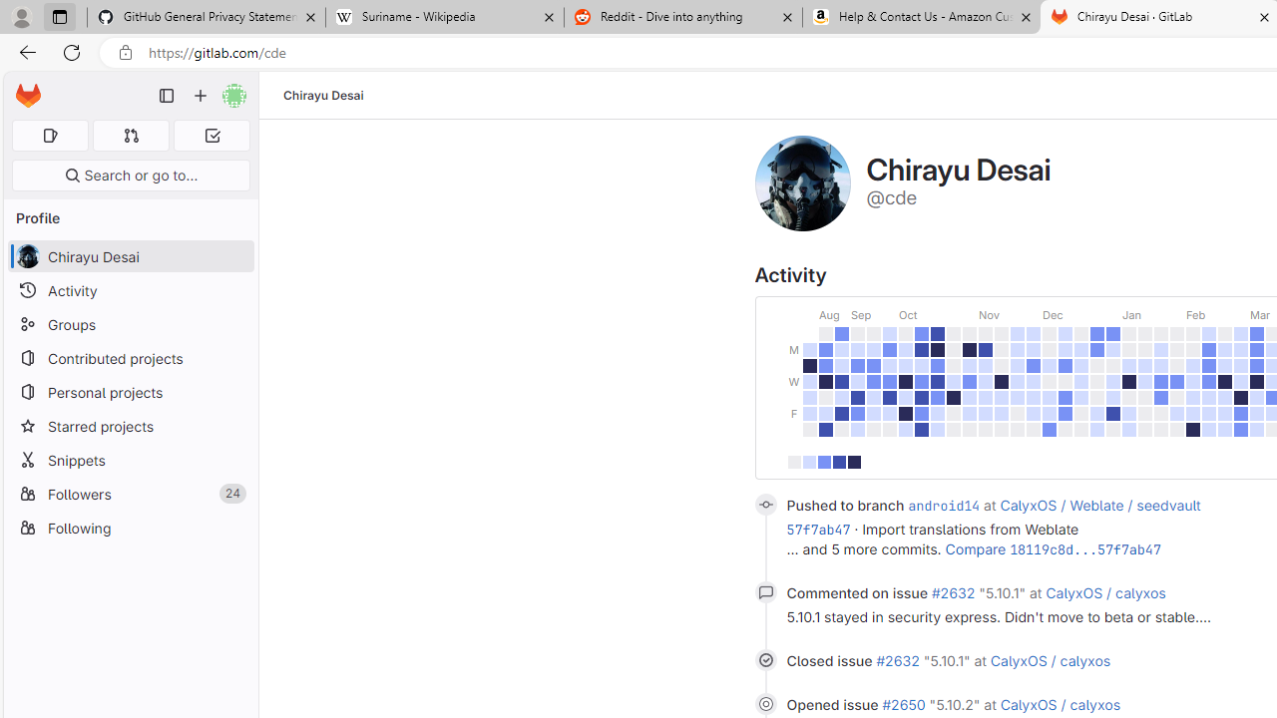 Image resolution: width=1277 pixels, height=718 pixels. I want to click on 'Chirayu Desai', so click(323, 95).